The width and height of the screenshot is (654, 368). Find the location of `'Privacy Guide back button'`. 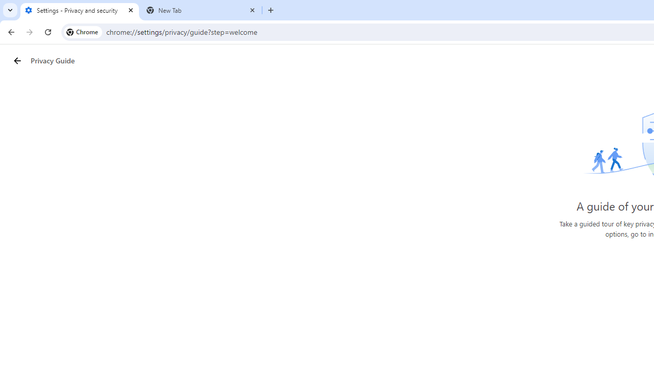

'Privacy Guide back button' is located at coordinates (17, 61).